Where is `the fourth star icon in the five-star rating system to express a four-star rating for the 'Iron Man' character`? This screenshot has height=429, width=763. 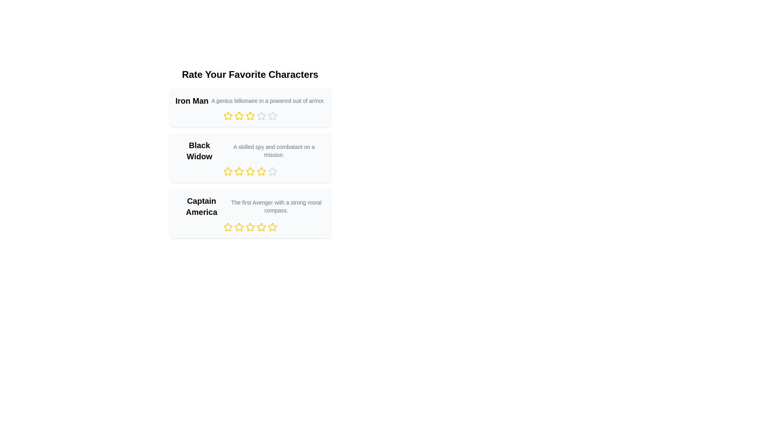
the fourth star icon in the five-star rating system to express a four-star rating for the 'Iron Man' character is located at coordinates (272, 116).